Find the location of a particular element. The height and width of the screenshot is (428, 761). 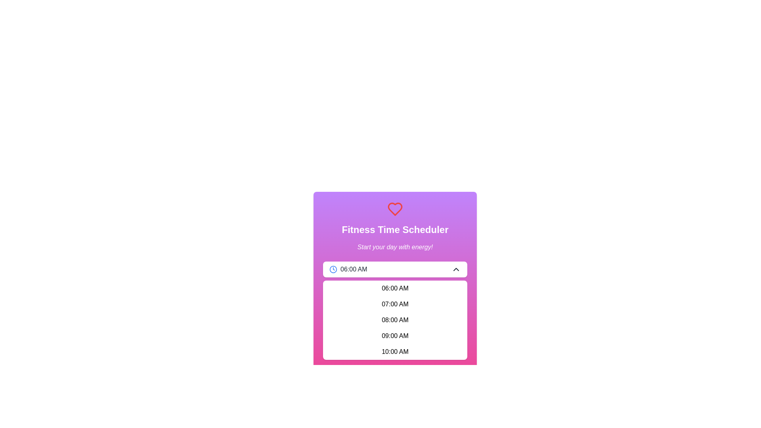

the list item displaying the time '08:00 AM' in the dropdown scheduling interface, which is the third item in the list is located at coordinates (395, 319).